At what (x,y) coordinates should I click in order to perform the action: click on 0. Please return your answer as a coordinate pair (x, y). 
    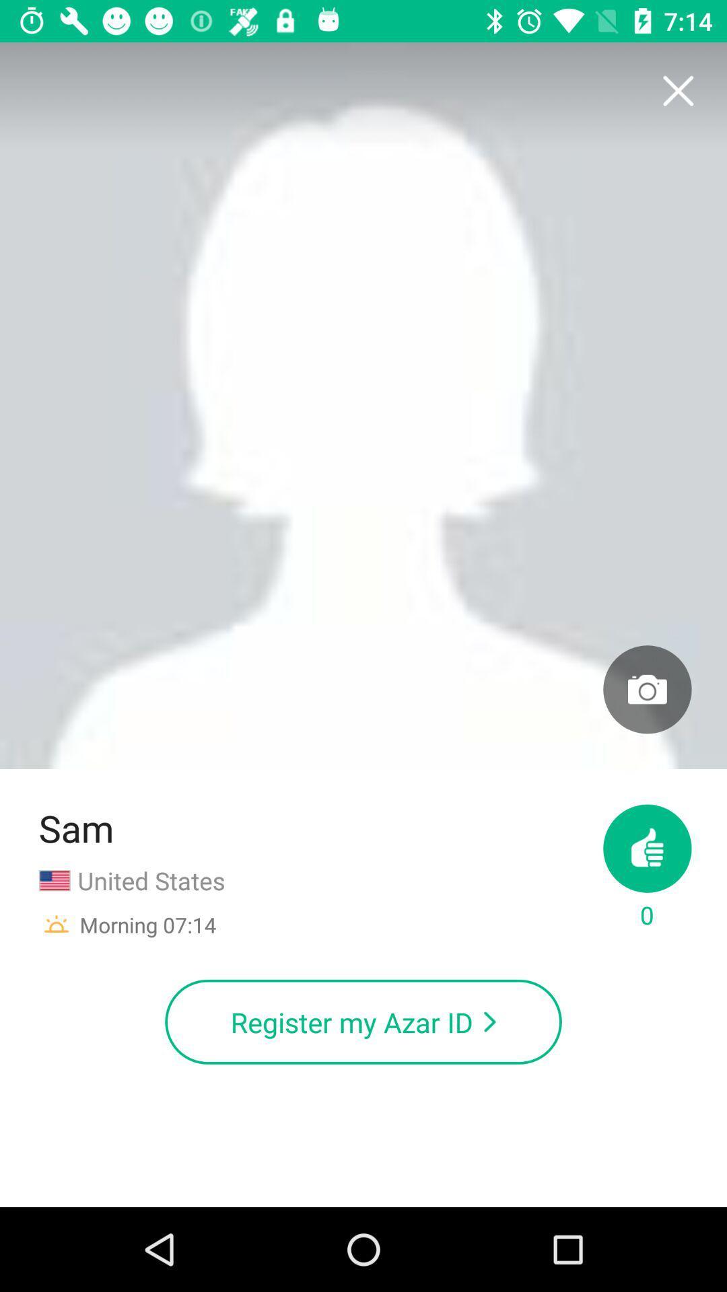
    Looking at the image, I should click on (646, 868).